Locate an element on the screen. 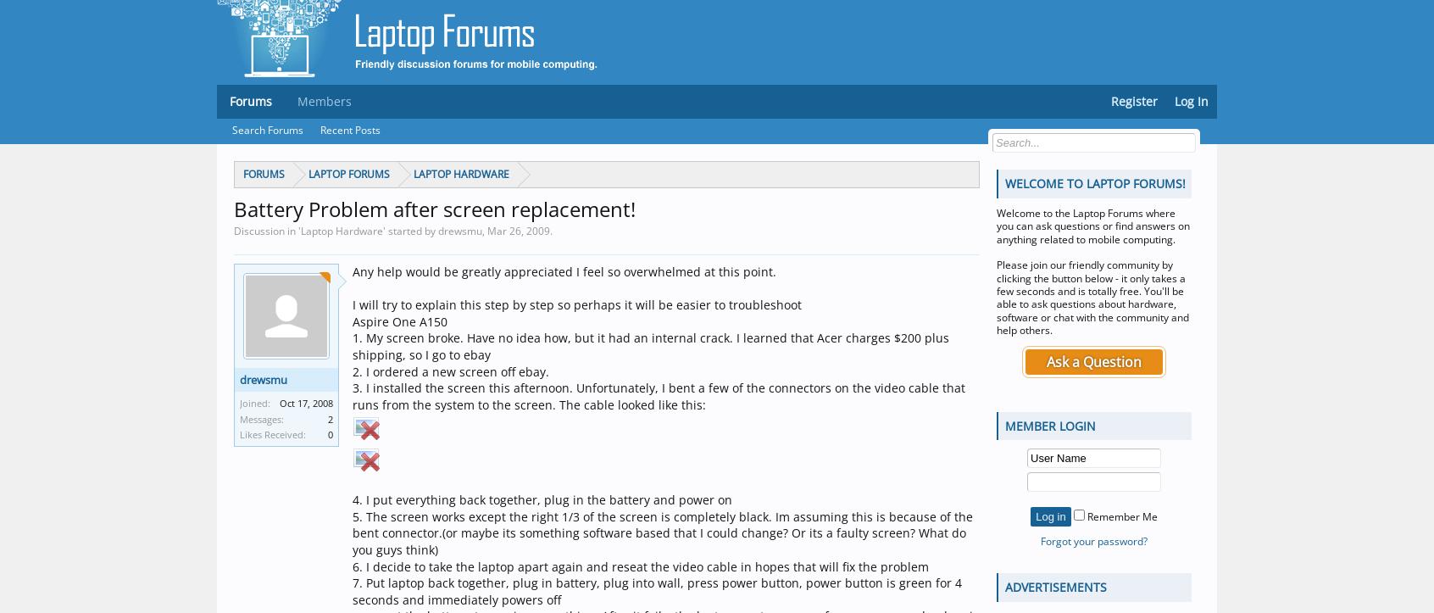  '5. The screen works except the right 1/3 of the screen is completely black. Im assuming this is because of the bent connector.(or maybe its something software based that I could change? Or its a faulty screen? What do you guys think)' is located at coordinates (663, 532).